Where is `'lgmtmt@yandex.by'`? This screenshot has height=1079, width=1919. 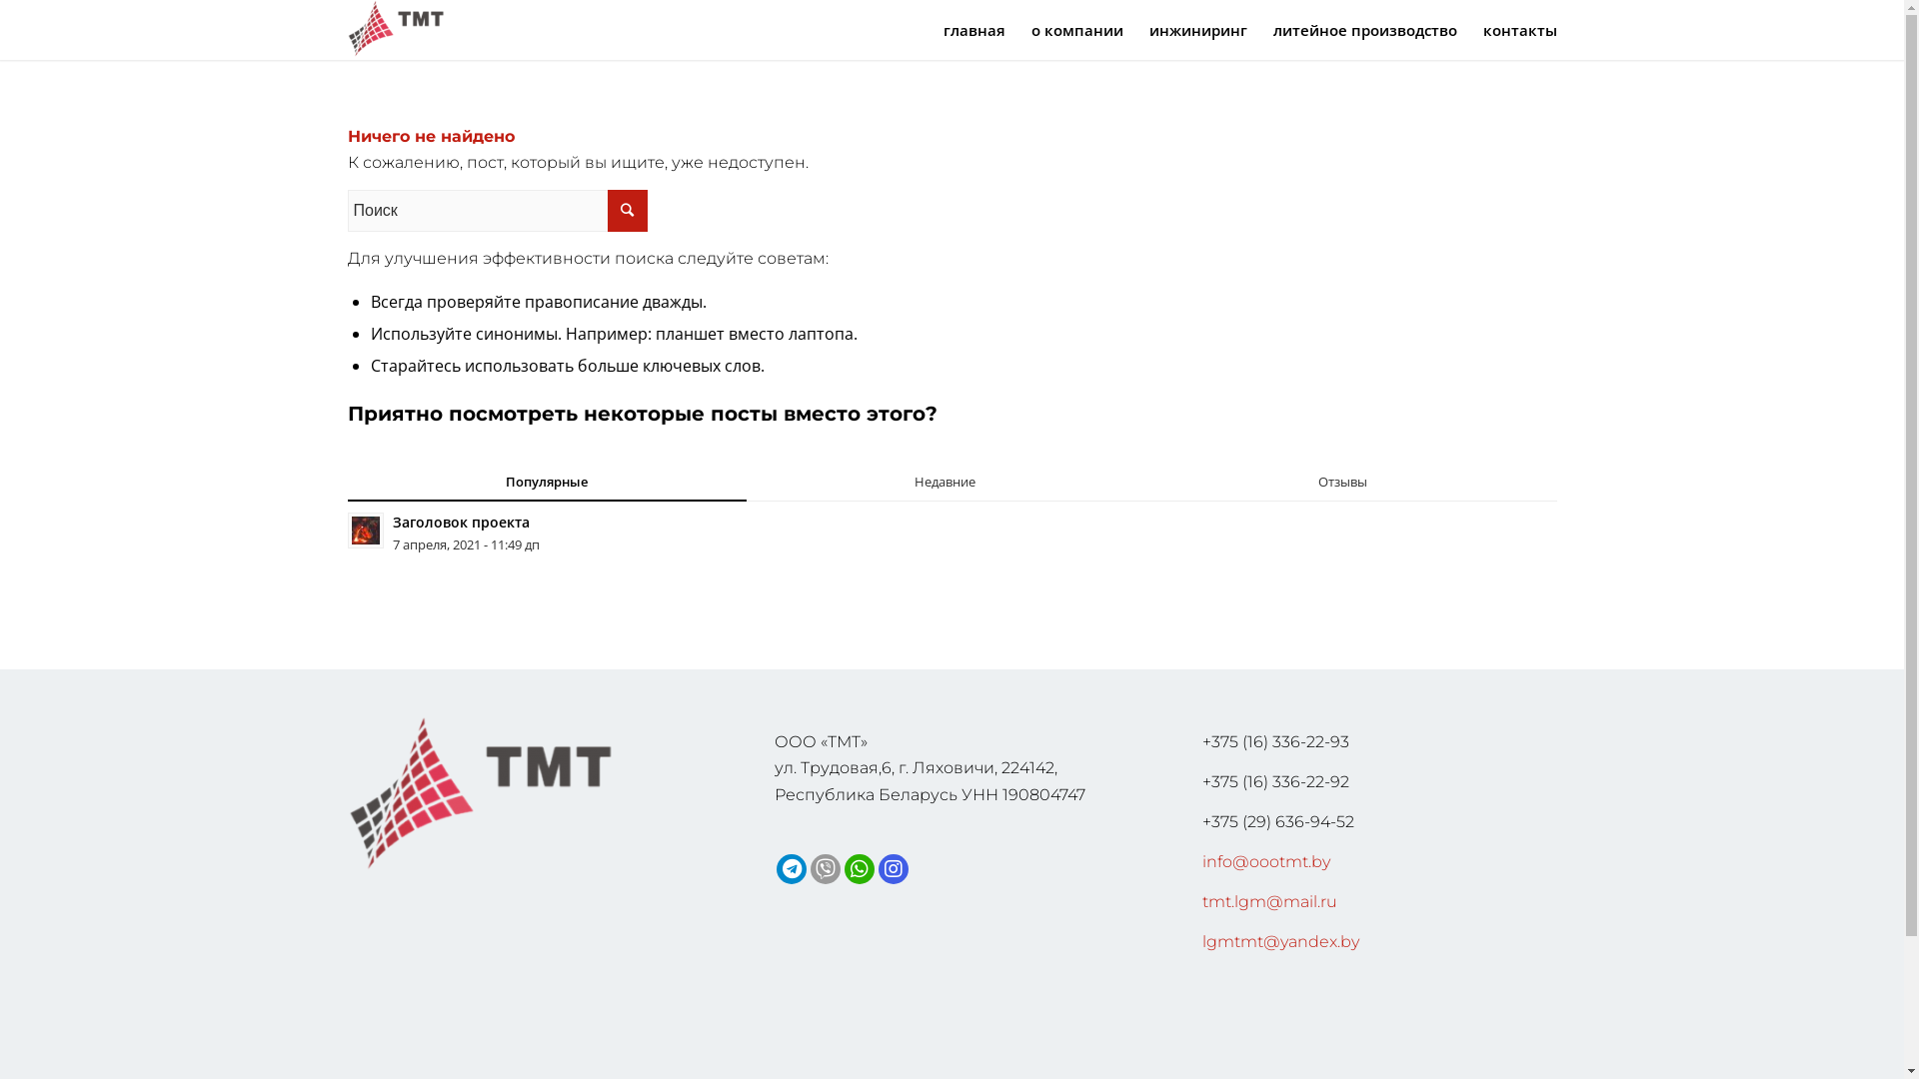 'lgmtmt@yandex.by' is located at coordinates (1280, 941).